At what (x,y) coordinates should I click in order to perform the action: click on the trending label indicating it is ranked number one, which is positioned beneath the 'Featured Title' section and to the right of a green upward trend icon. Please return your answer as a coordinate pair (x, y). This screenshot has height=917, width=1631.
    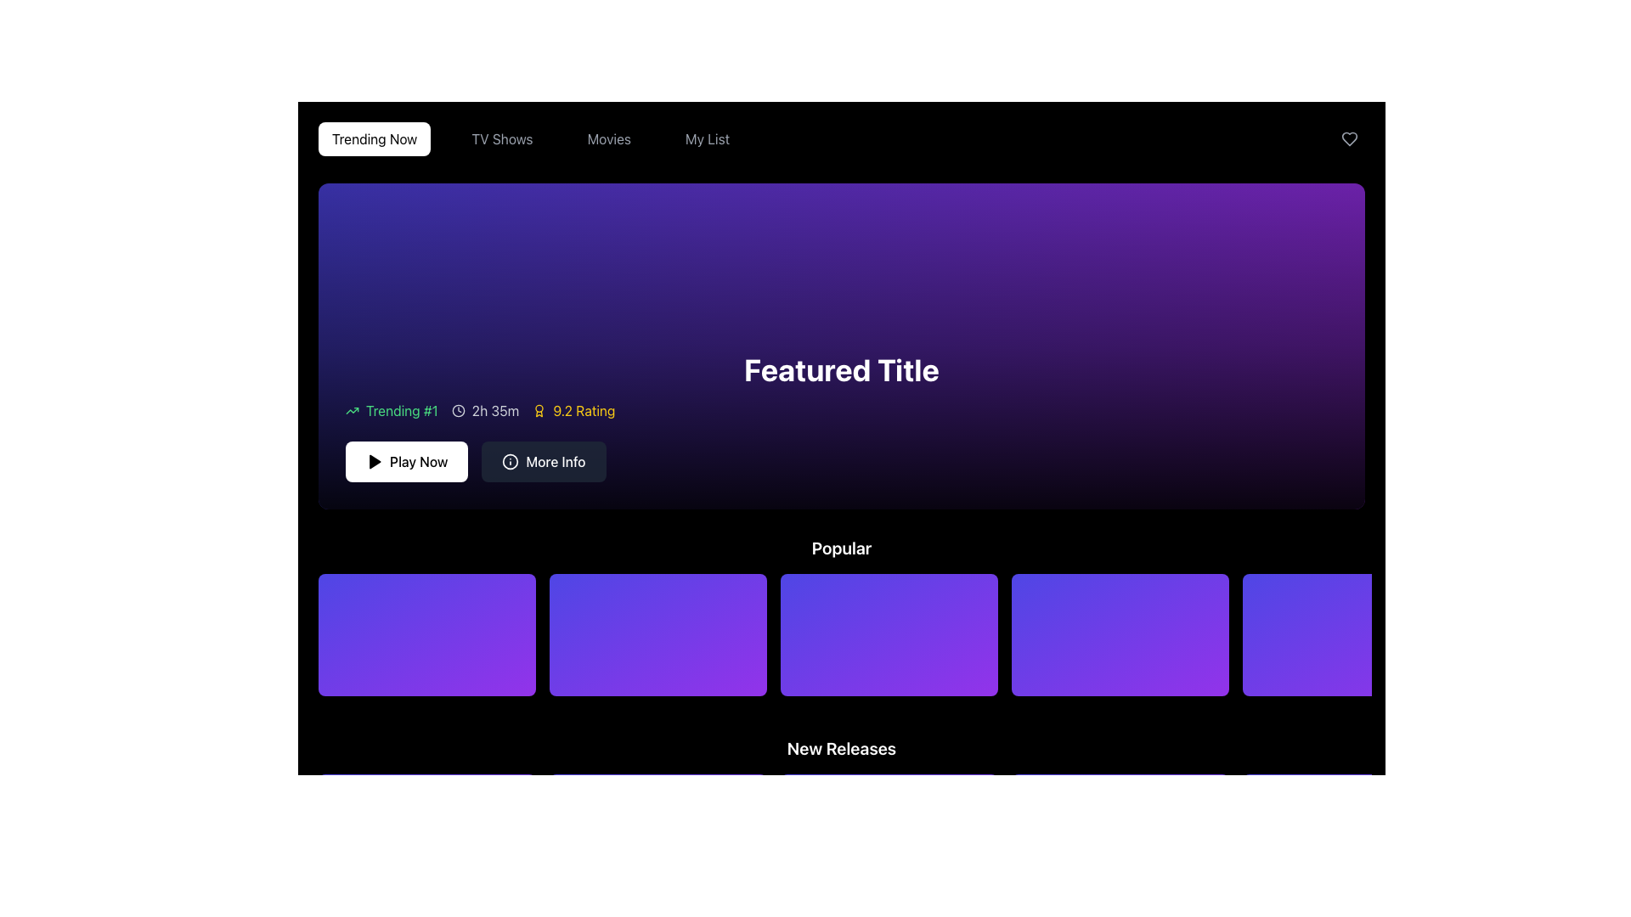
    Looking at the image, I should click on (401, 410).